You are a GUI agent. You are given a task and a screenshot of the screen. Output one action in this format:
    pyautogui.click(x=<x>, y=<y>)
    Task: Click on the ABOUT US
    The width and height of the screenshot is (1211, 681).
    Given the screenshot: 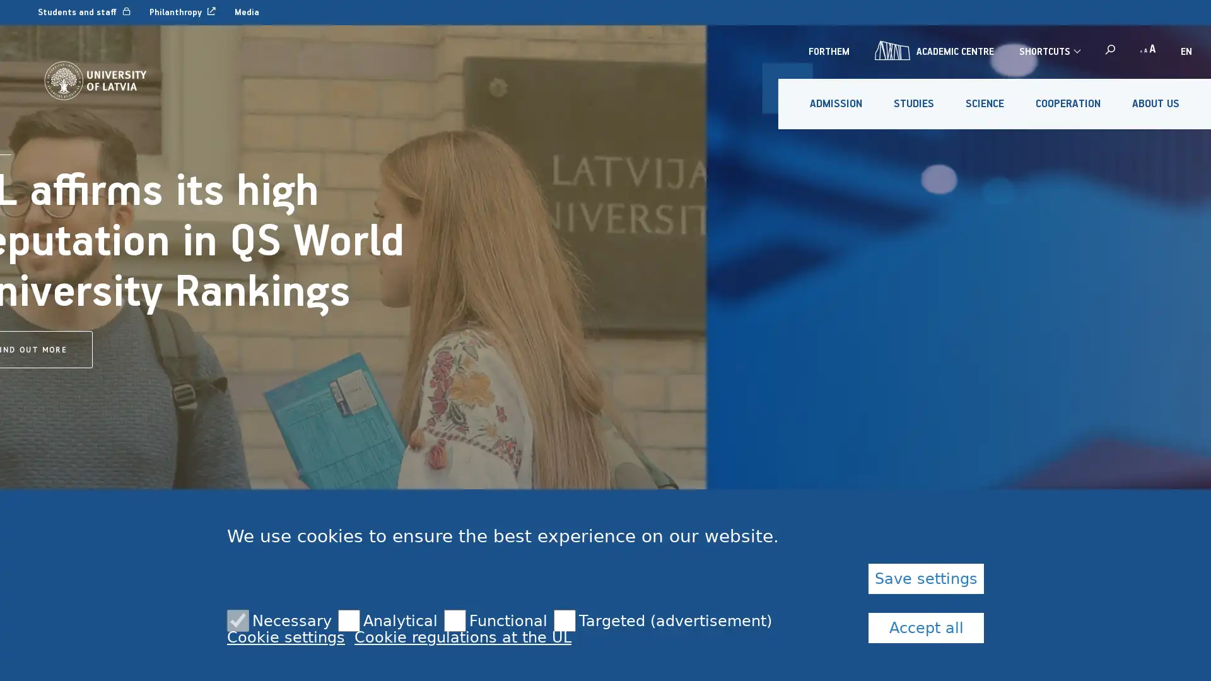 What is the action you would take?
    pyautogui.click(x=1155, y=103)
    